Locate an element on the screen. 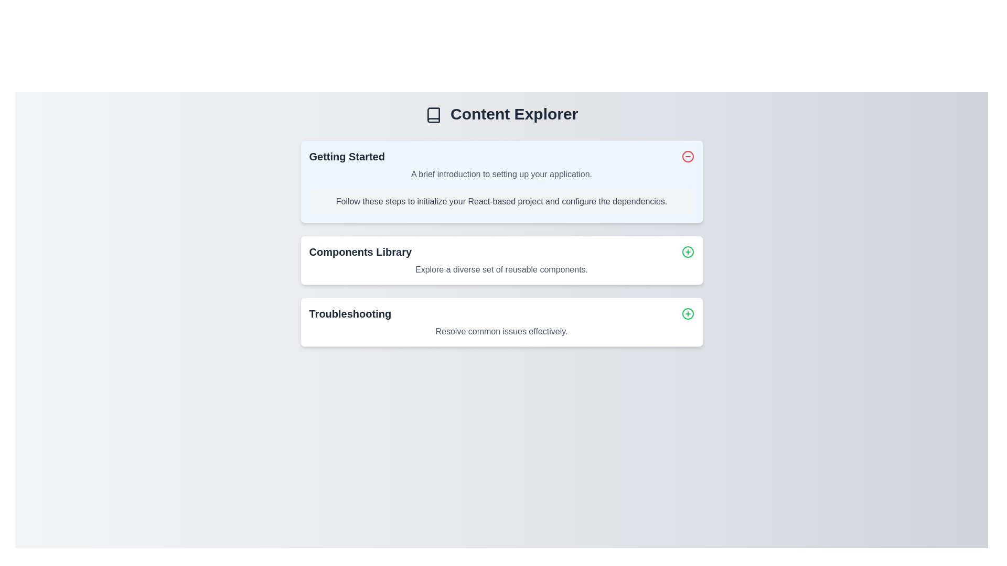  information provided in the 'Getting Started' informational card, which has a light blue background and is located under the 'Content Explorer' heading is located at coordinates (501, 181).